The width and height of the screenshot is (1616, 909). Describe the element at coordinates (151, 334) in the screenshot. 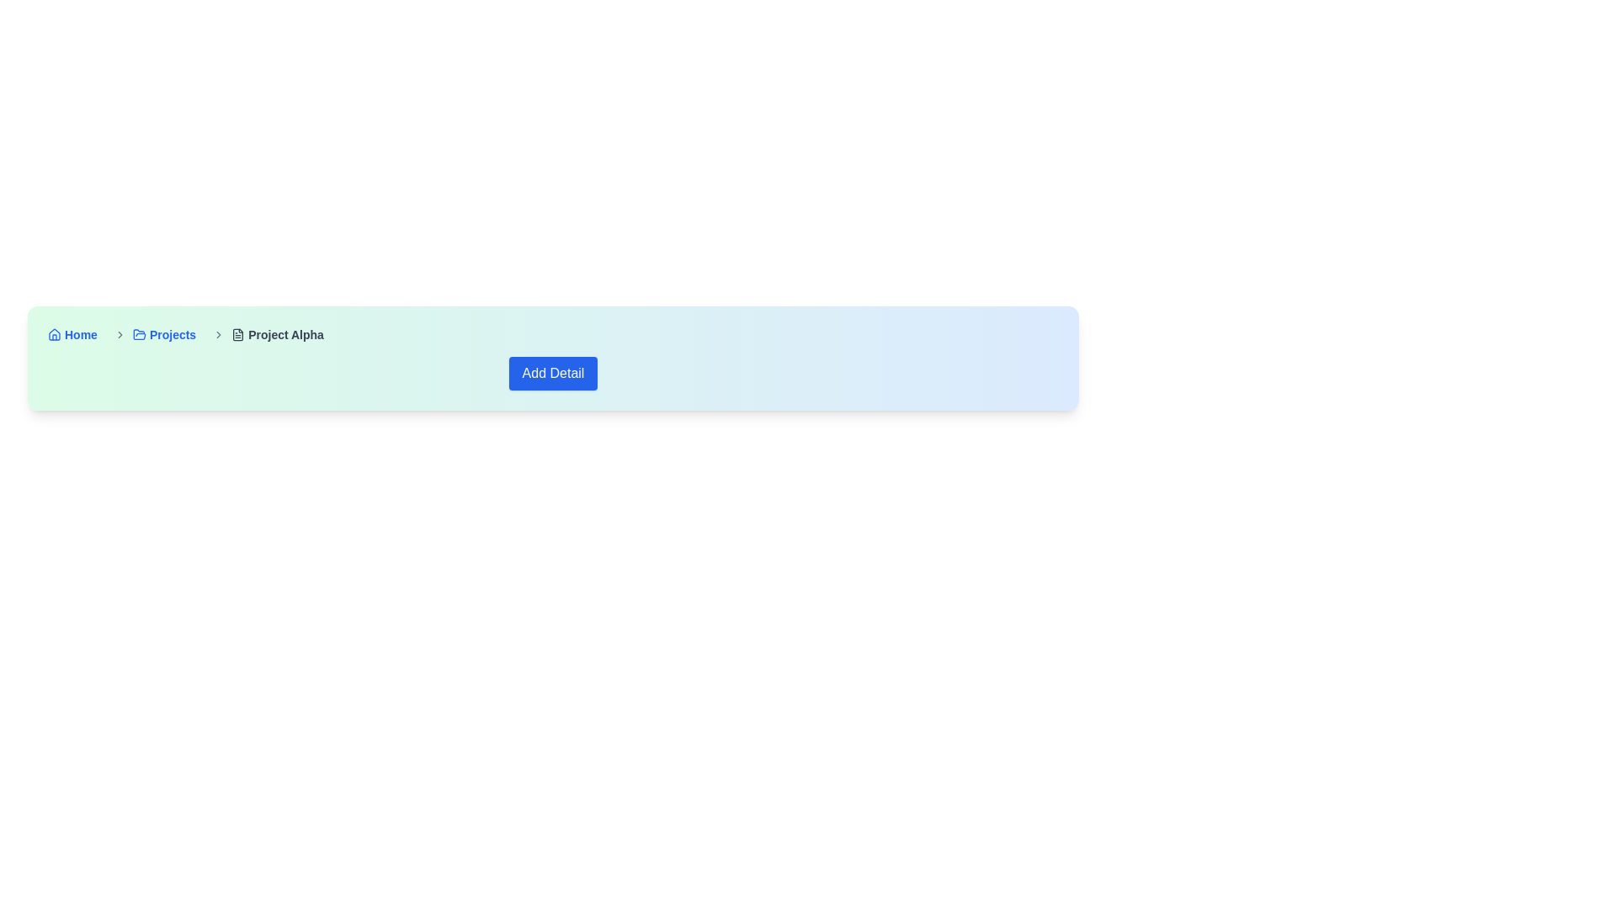

I see `the 'Projects' breadcrumb link, which is the second item in the breadcrumb navigation structure` at that location.